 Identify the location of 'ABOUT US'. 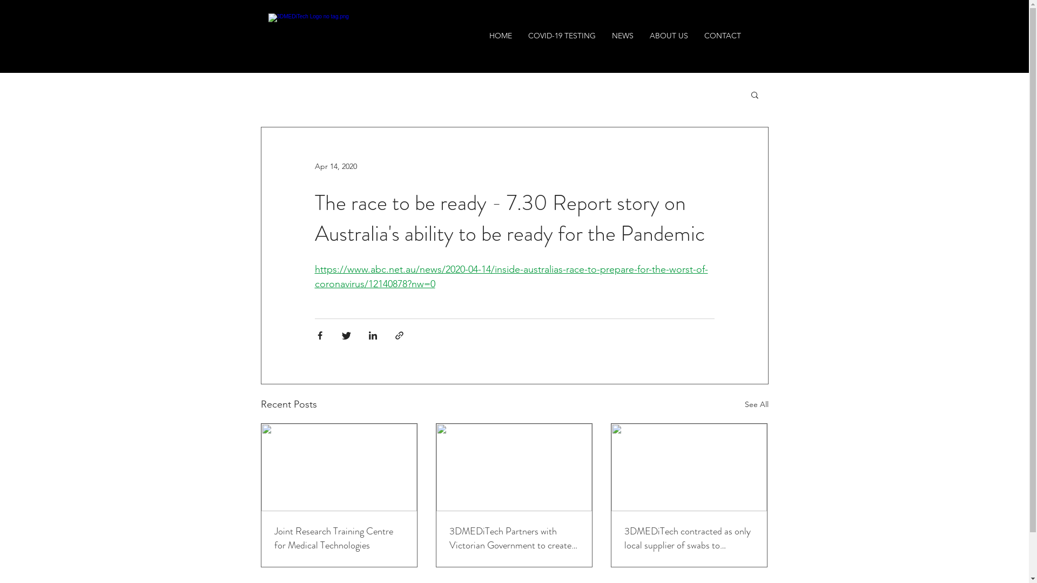
(668, 35).